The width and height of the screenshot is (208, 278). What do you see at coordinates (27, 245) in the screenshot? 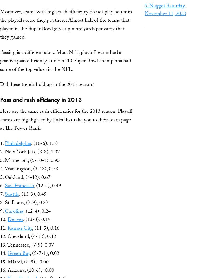
I see `'13. Tennessee, (7-9), 0.07'` at bounding box center [27, 245].